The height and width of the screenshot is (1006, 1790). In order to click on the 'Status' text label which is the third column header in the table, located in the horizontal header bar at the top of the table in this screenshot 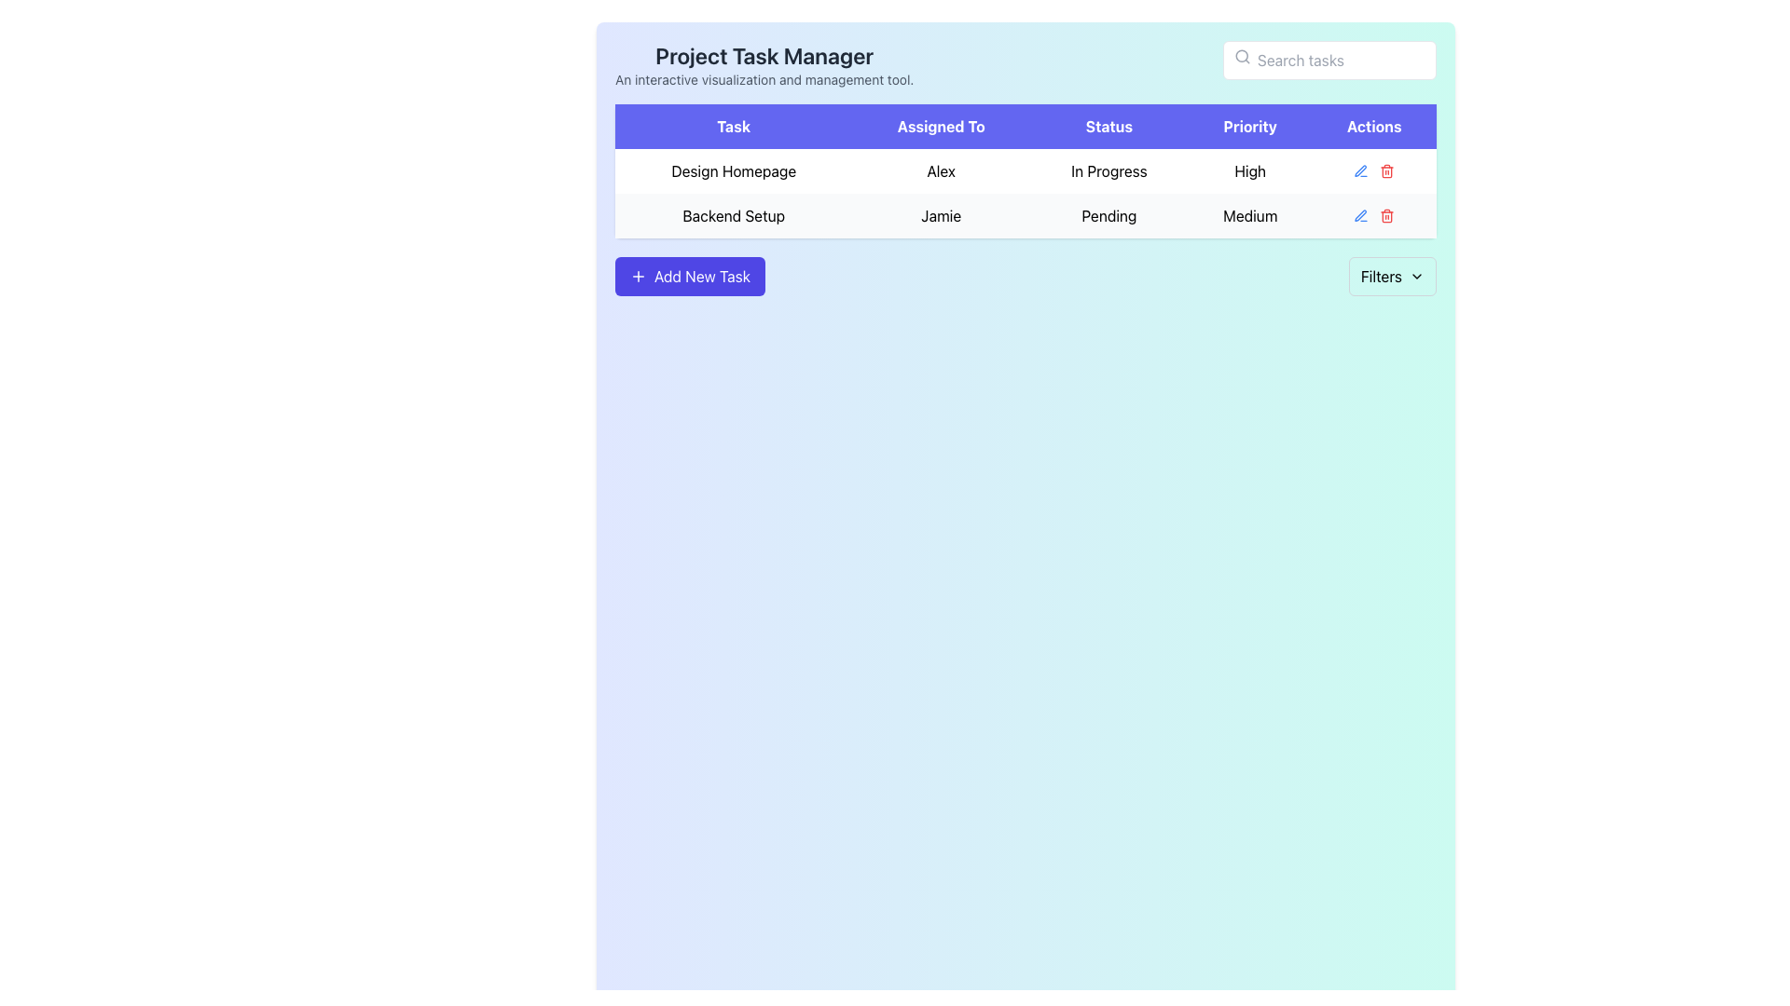, I will do `click(1108, 126)`.